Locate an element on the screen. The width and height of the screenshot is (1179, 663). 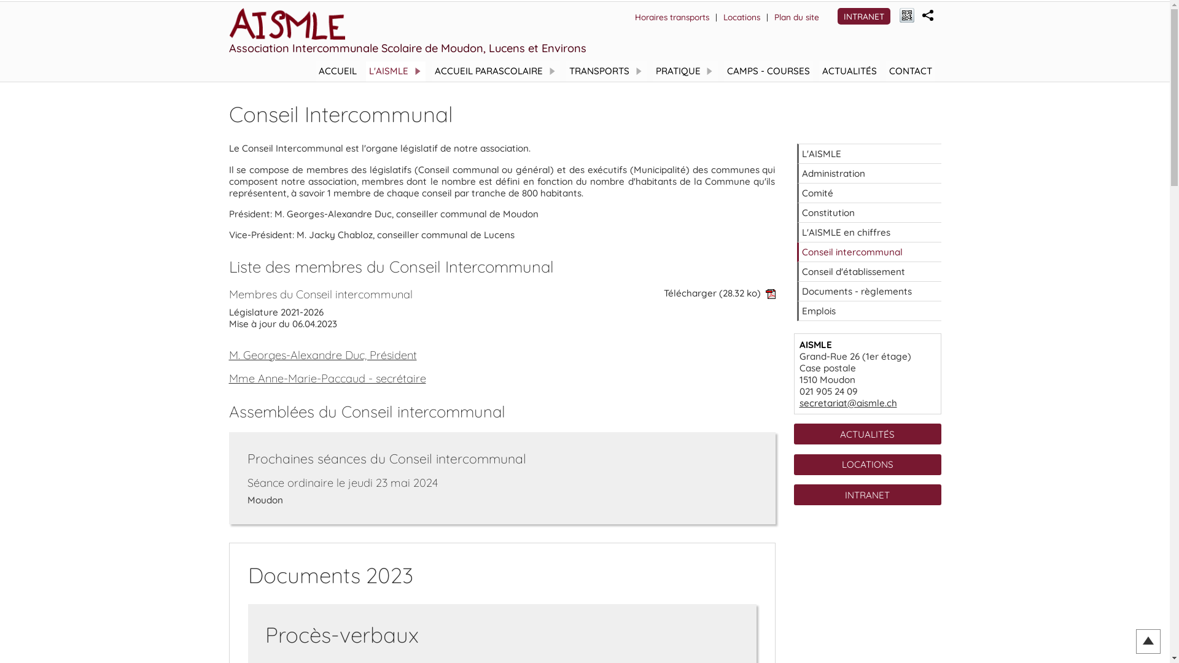
'INTRANET' is located at coordinates (863, 16).